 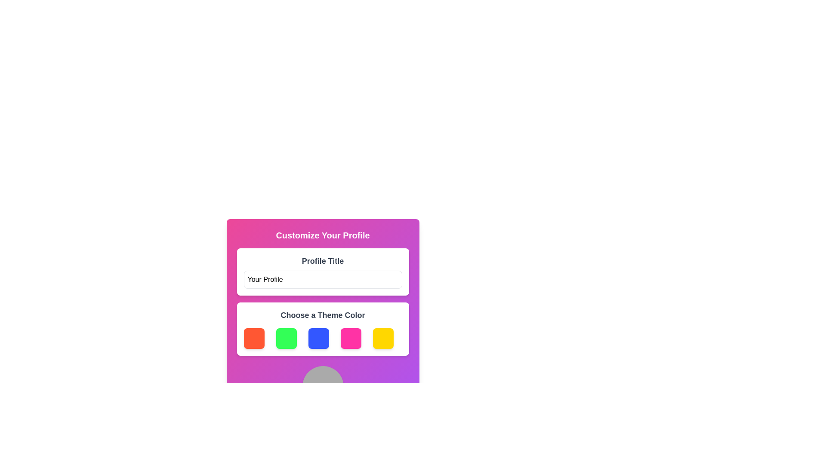 I want to click on the blue button in the horizontal button group, so click(x=322, y=338).